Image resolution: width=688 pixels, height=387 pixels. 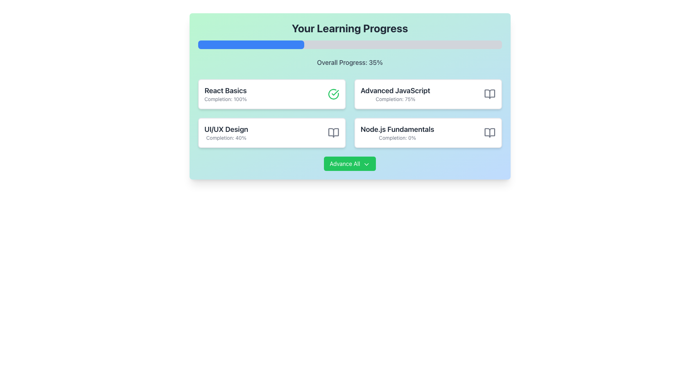 I want to click on the Icon (Chevron Down) located to the right of the 'Advance All' button, so click(x=366, y=164).